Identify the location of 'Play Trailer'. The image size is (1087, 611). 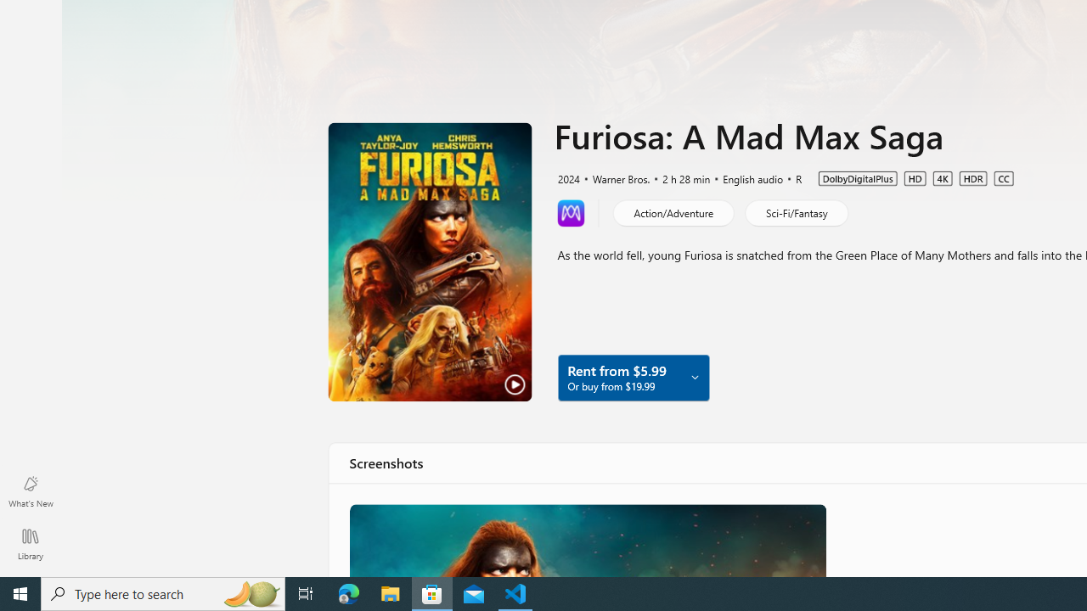
(430, 261).